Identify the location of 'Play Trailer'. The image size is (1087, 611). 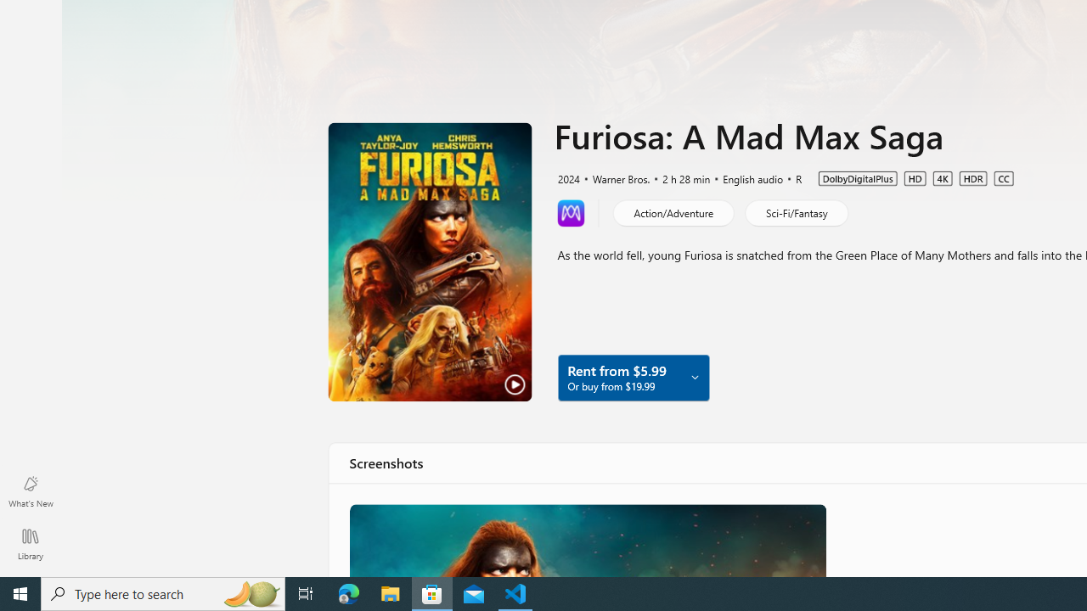
(430, 261).